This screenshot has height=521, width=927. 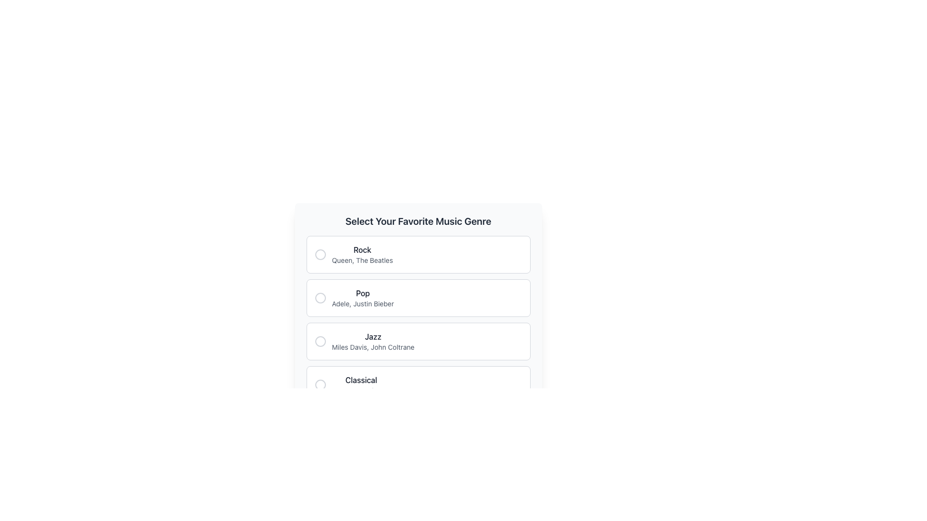 I want to click on the radio button adjacent to the 'Pop' music genre label, so click(x=362, y=297).